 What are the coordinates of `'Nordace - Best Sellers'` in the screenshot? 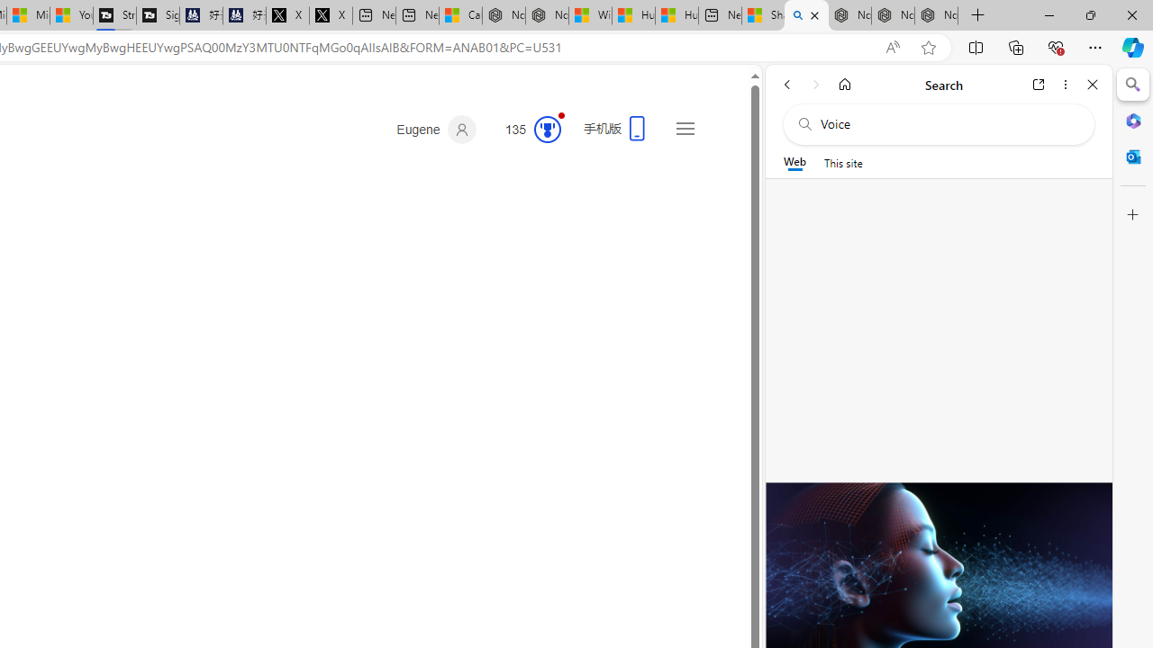 It's located at (849, 15).